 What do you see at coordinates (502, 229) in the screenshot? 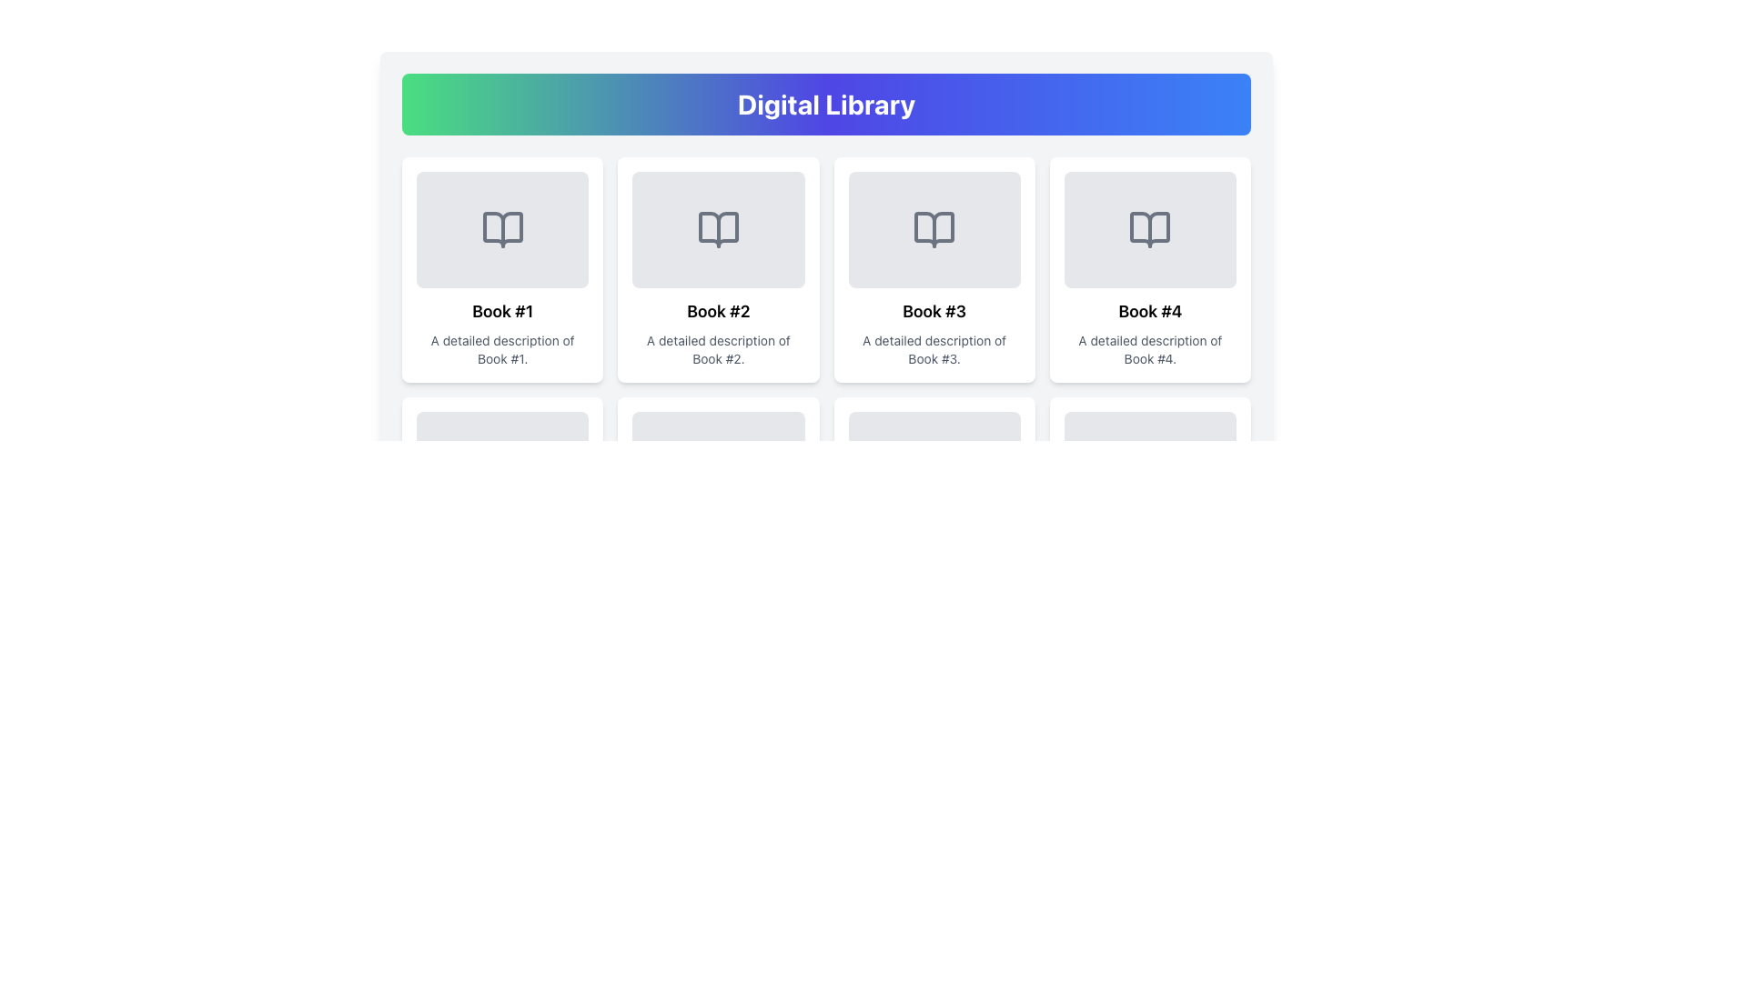
I see `the vector graphic icon representing an open book` at bounding box center [502, 229].